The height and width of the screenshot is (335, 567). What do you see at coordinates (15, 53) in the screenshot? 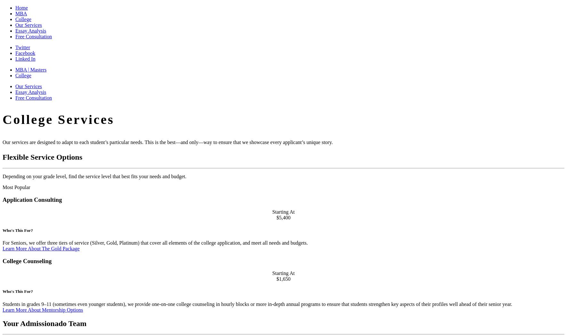
I see `'Facebook'` at bounding box center [15, 53].